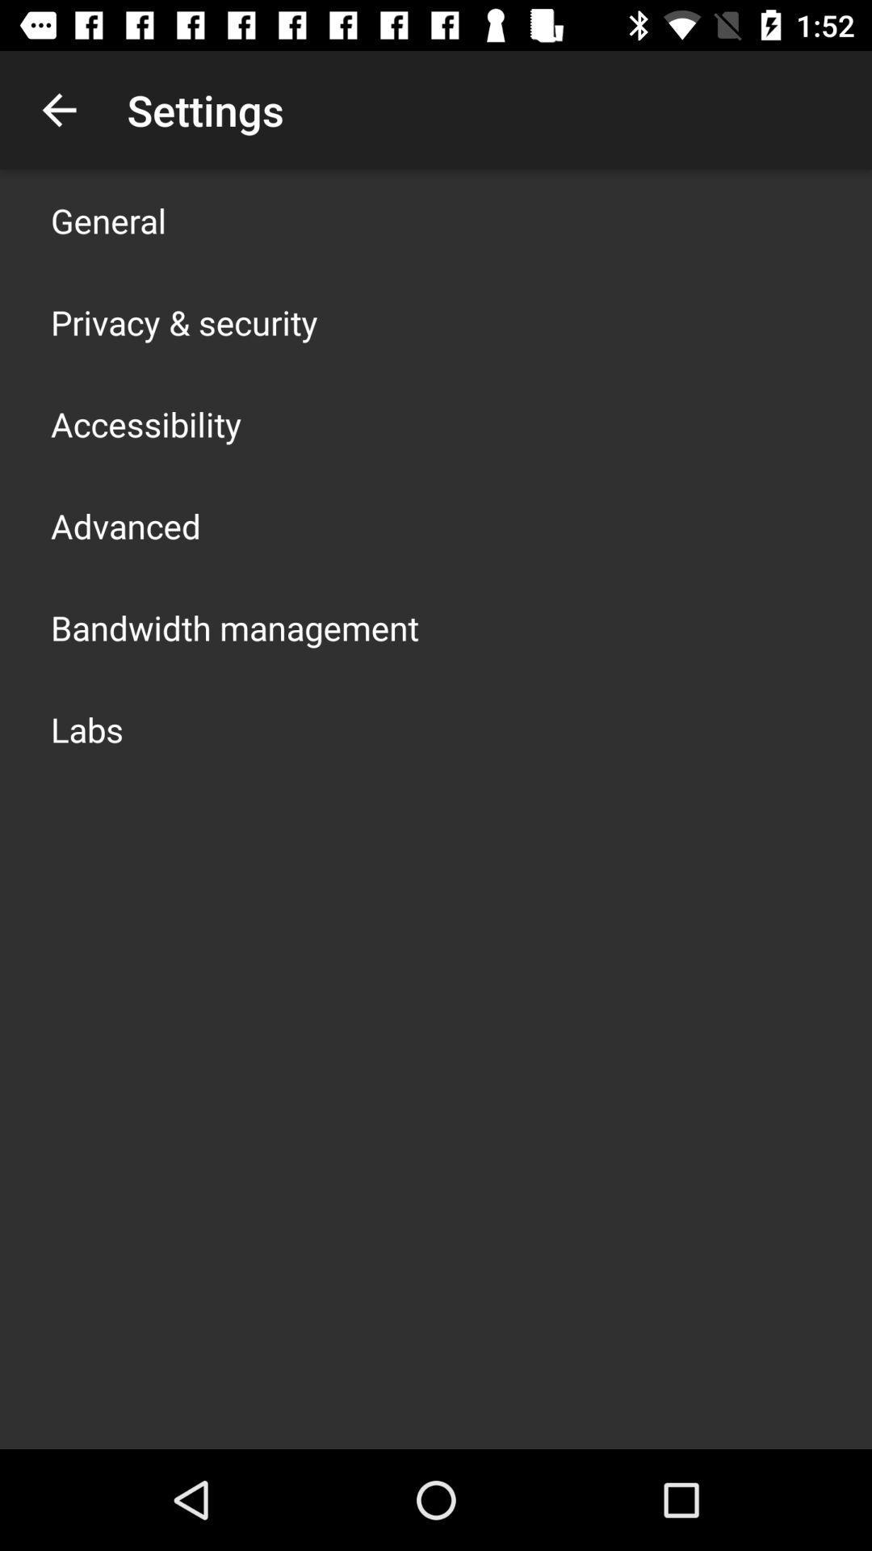 The width and height of the screenshot is (872, 1551). What do you see at coordinates (124, 526) in the screenshot?
I see `the advanced` at bounding box center [124, 526].